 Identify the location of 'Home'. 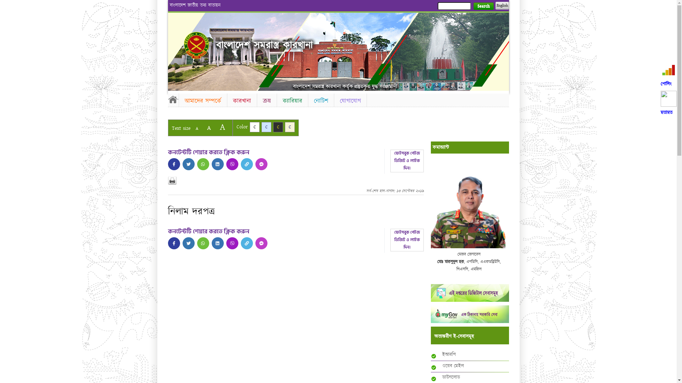
(173, 99).